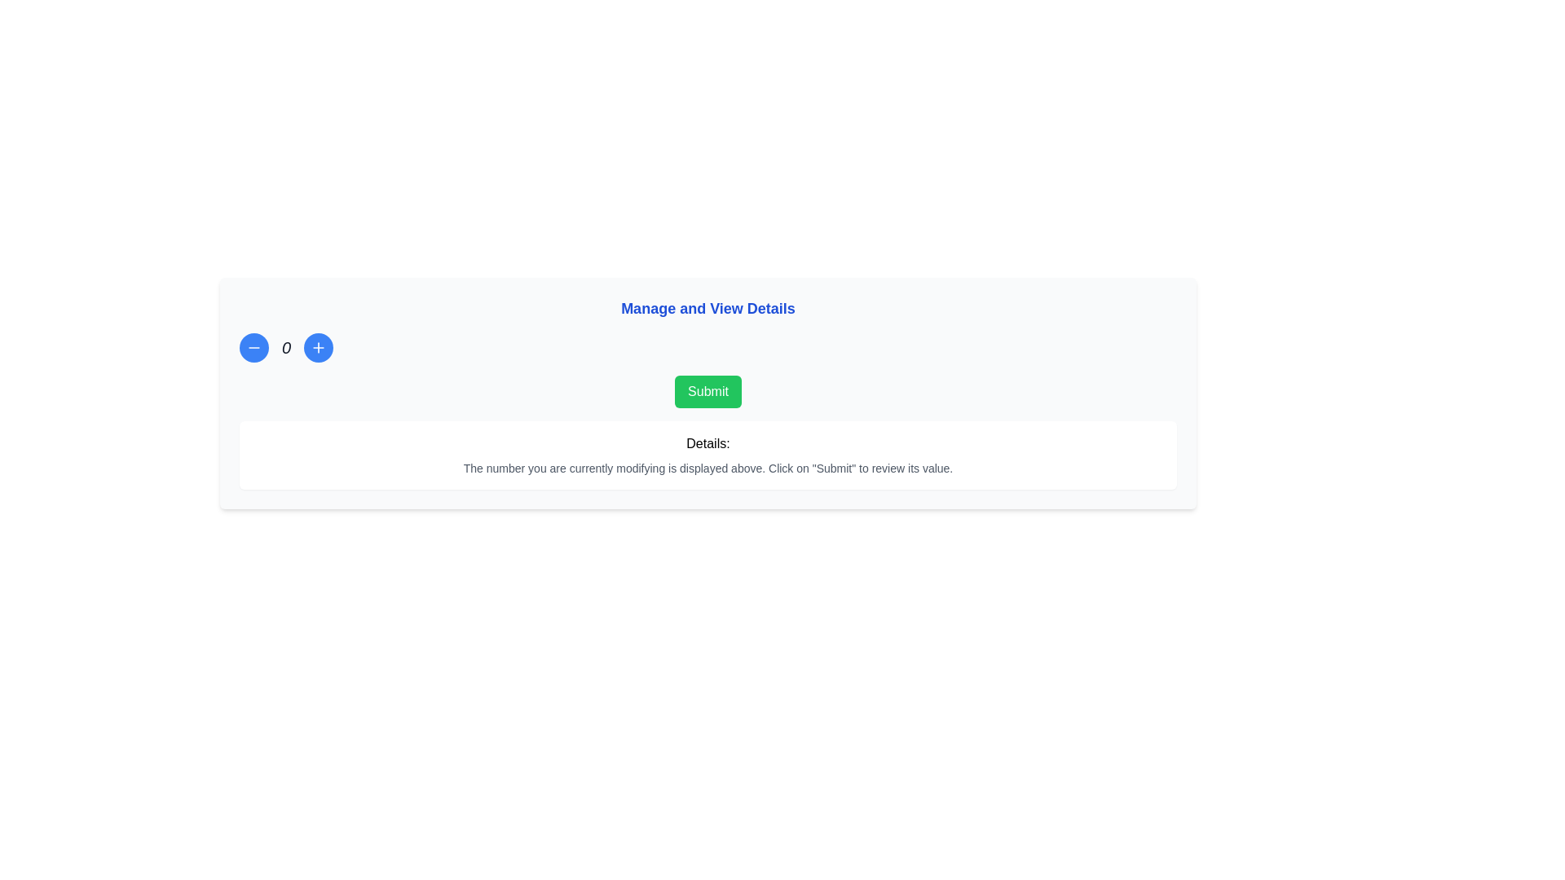  I want to click on the decrement button located at the top-left of the panel to decrease the associated numeric value, so click(253, 347).